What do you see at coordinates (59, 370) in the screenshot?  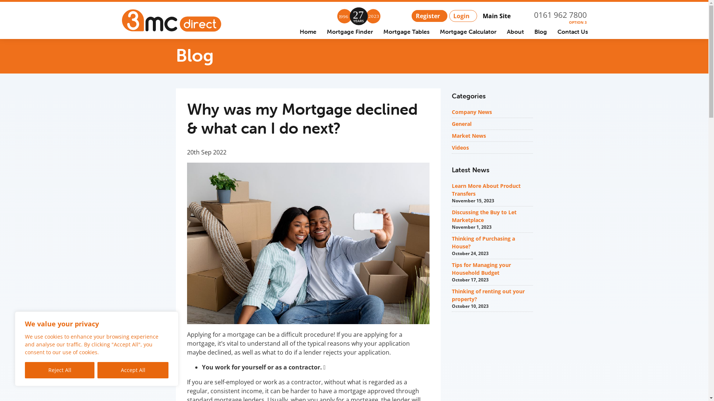 I see `'Reject All'` at bounding box center [59, 370].